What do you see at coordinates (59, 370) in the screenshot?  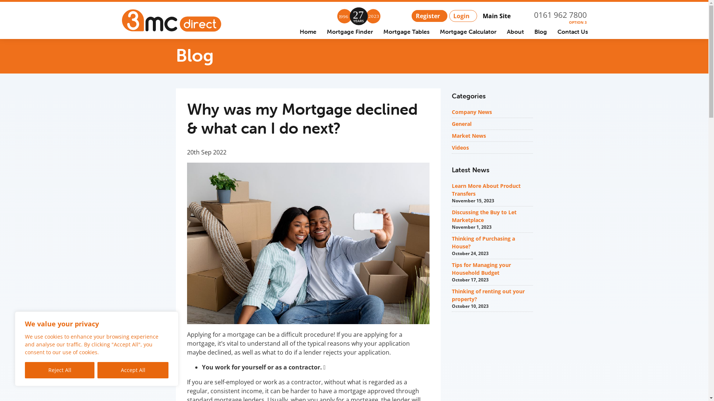 I see `'Reject All'` at bounding box center [59, 370].